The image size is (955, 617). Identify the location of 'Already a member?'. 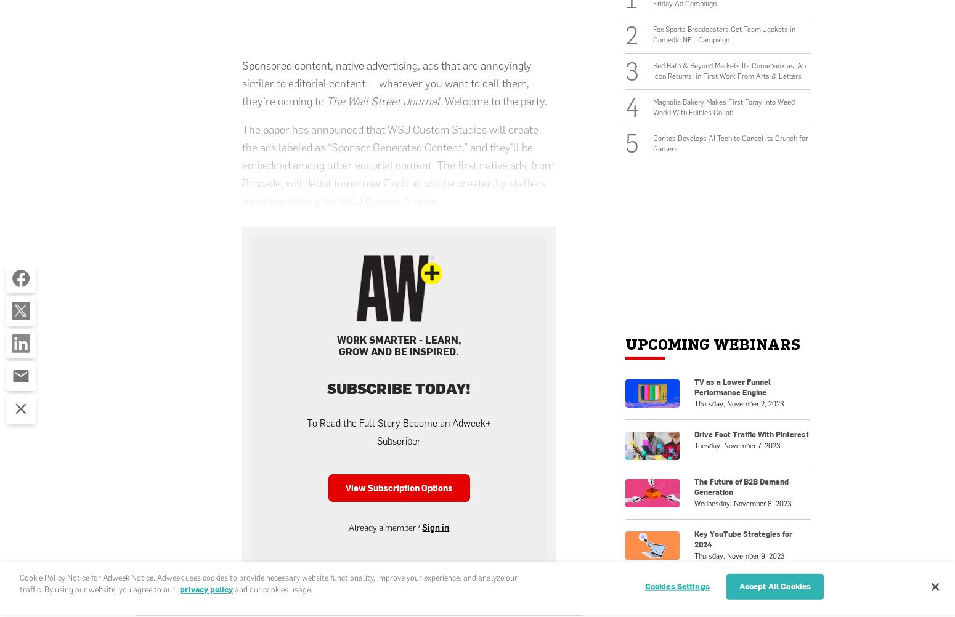
(384, 527).